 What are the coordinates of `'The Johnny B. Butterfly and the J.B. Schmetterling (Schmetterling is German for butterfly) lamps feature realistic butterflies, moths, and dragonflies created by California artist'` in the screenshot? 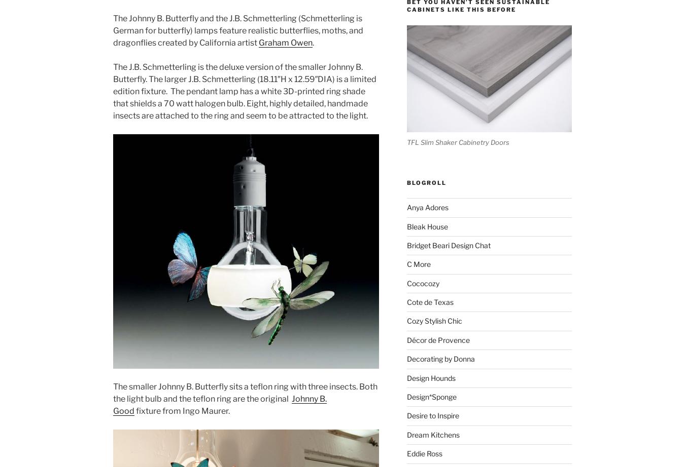 It's located at (237, 30).